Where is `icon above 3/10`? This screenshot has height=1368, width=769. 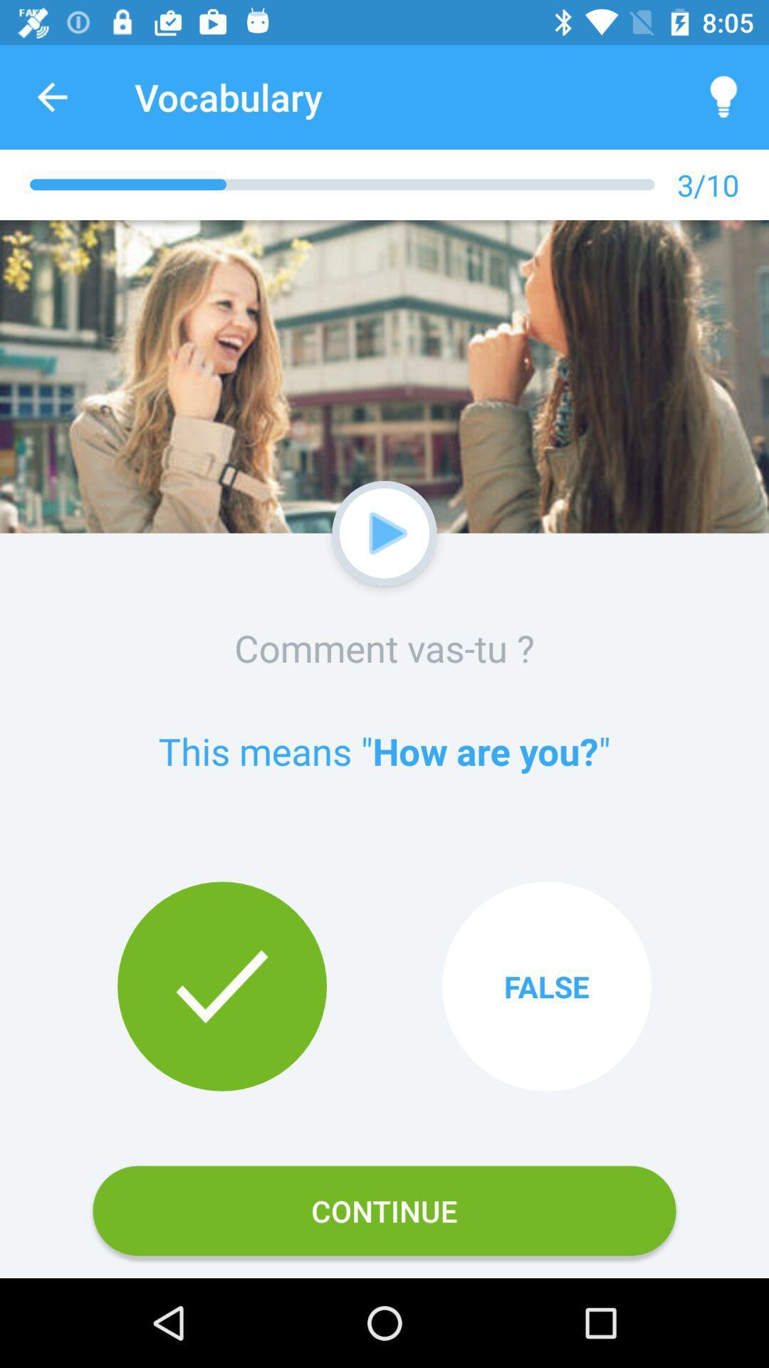
icon above 3/10 is located at coordinates (724, 96).